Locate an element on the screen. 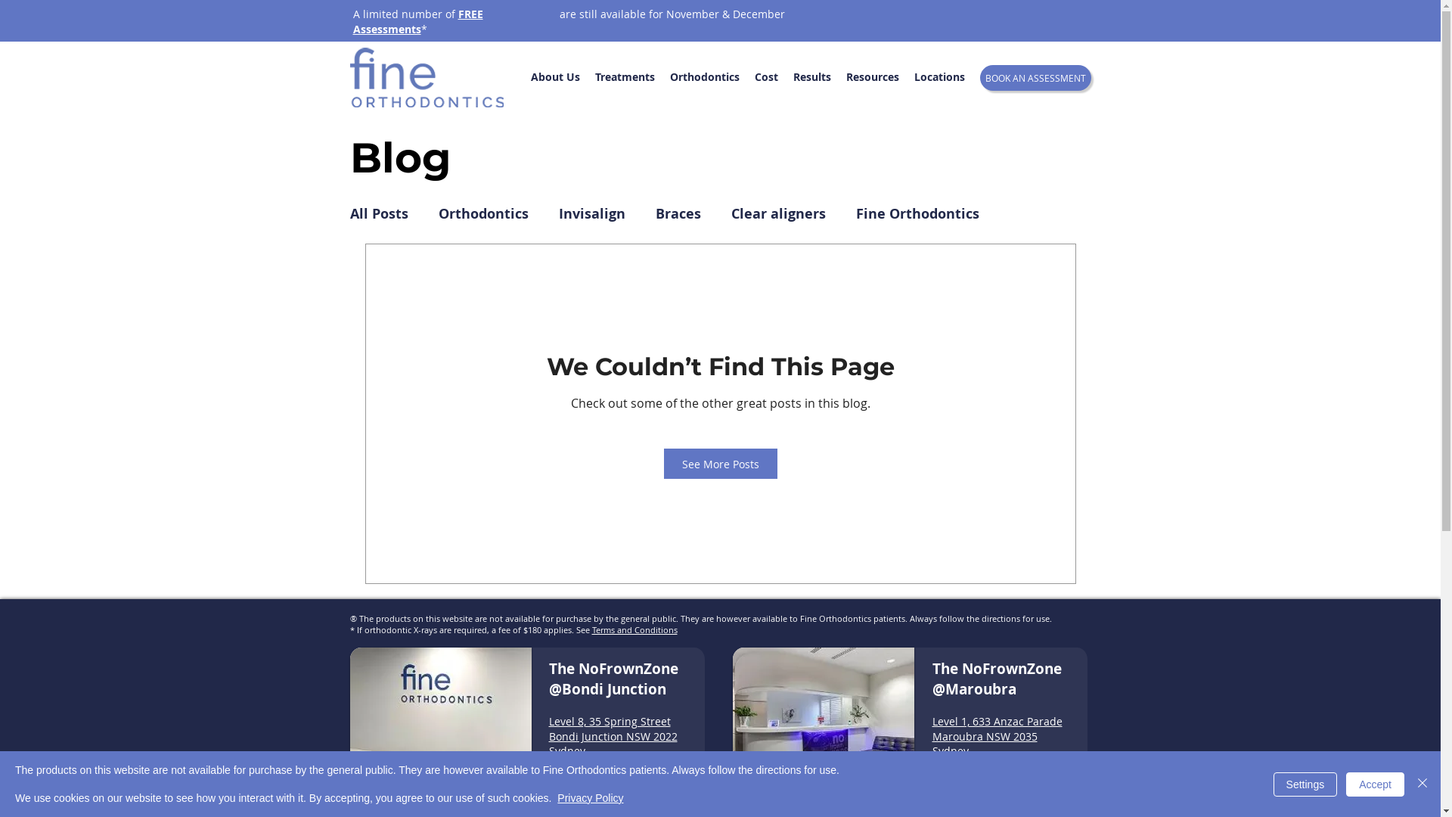 The height and width of the screenshot is (817, 1452). 'Terms and Conditions' is located at coordinates (591, 629).